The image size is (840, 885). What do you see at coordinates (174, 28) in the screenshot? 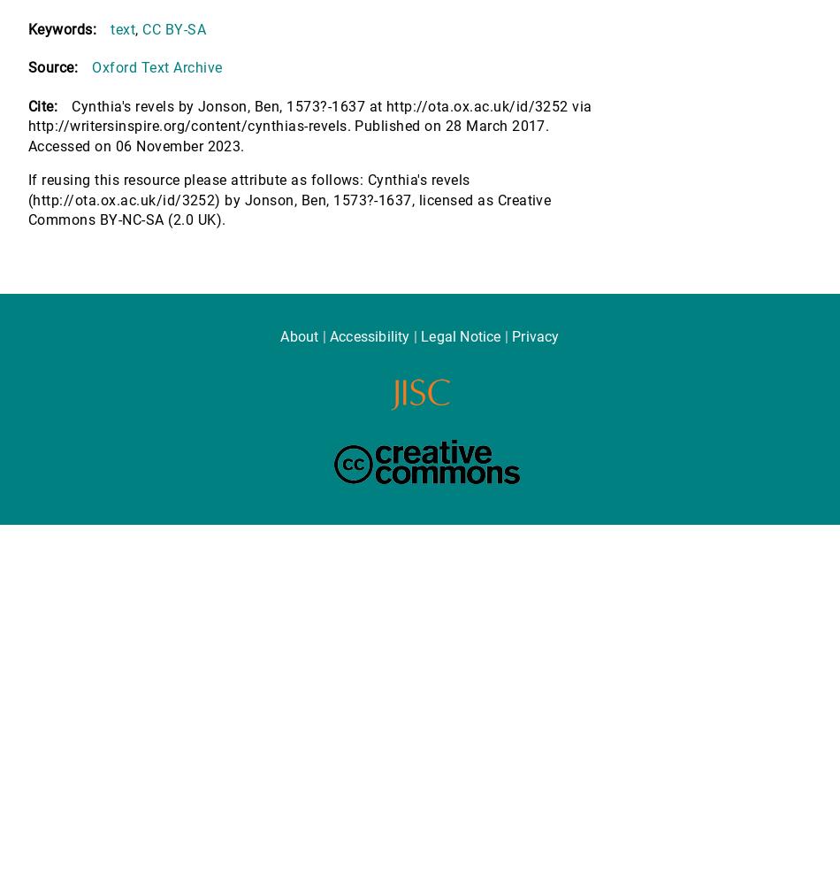
I see `'CC BY-SA'` at bounding box center [174, 28].